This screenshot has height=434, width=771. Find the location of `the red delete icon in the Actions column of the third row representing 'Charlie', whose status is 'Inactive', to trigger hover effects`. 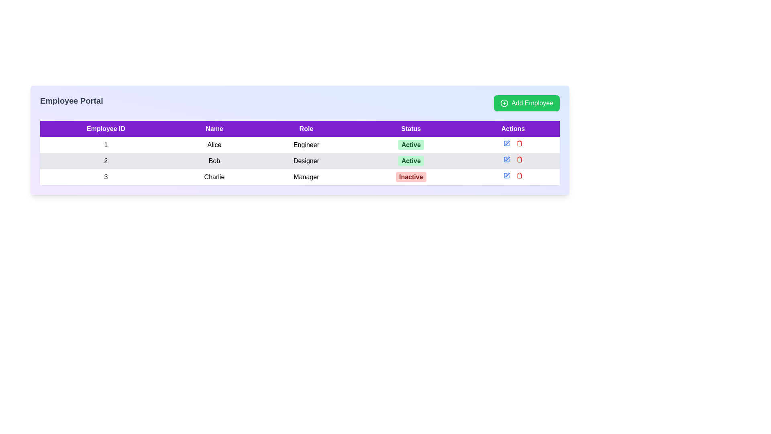

the red delete icon in the Actions column of the third row representing 'Charlie', whose status is 'Inactive', to trigger hover effects is located at coordinates (512, 175).